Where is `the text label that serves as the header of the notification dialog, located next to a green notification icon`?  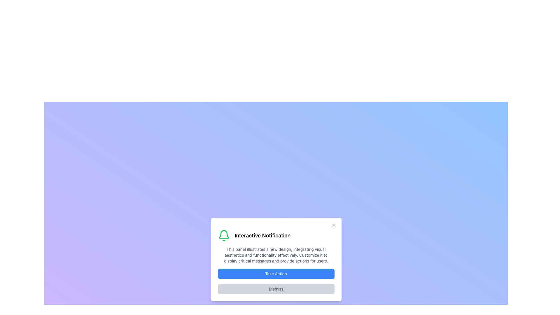
the text label that serves as the header of the notification dialog, located next to a green notification icon is located at coordinates (262, 235).